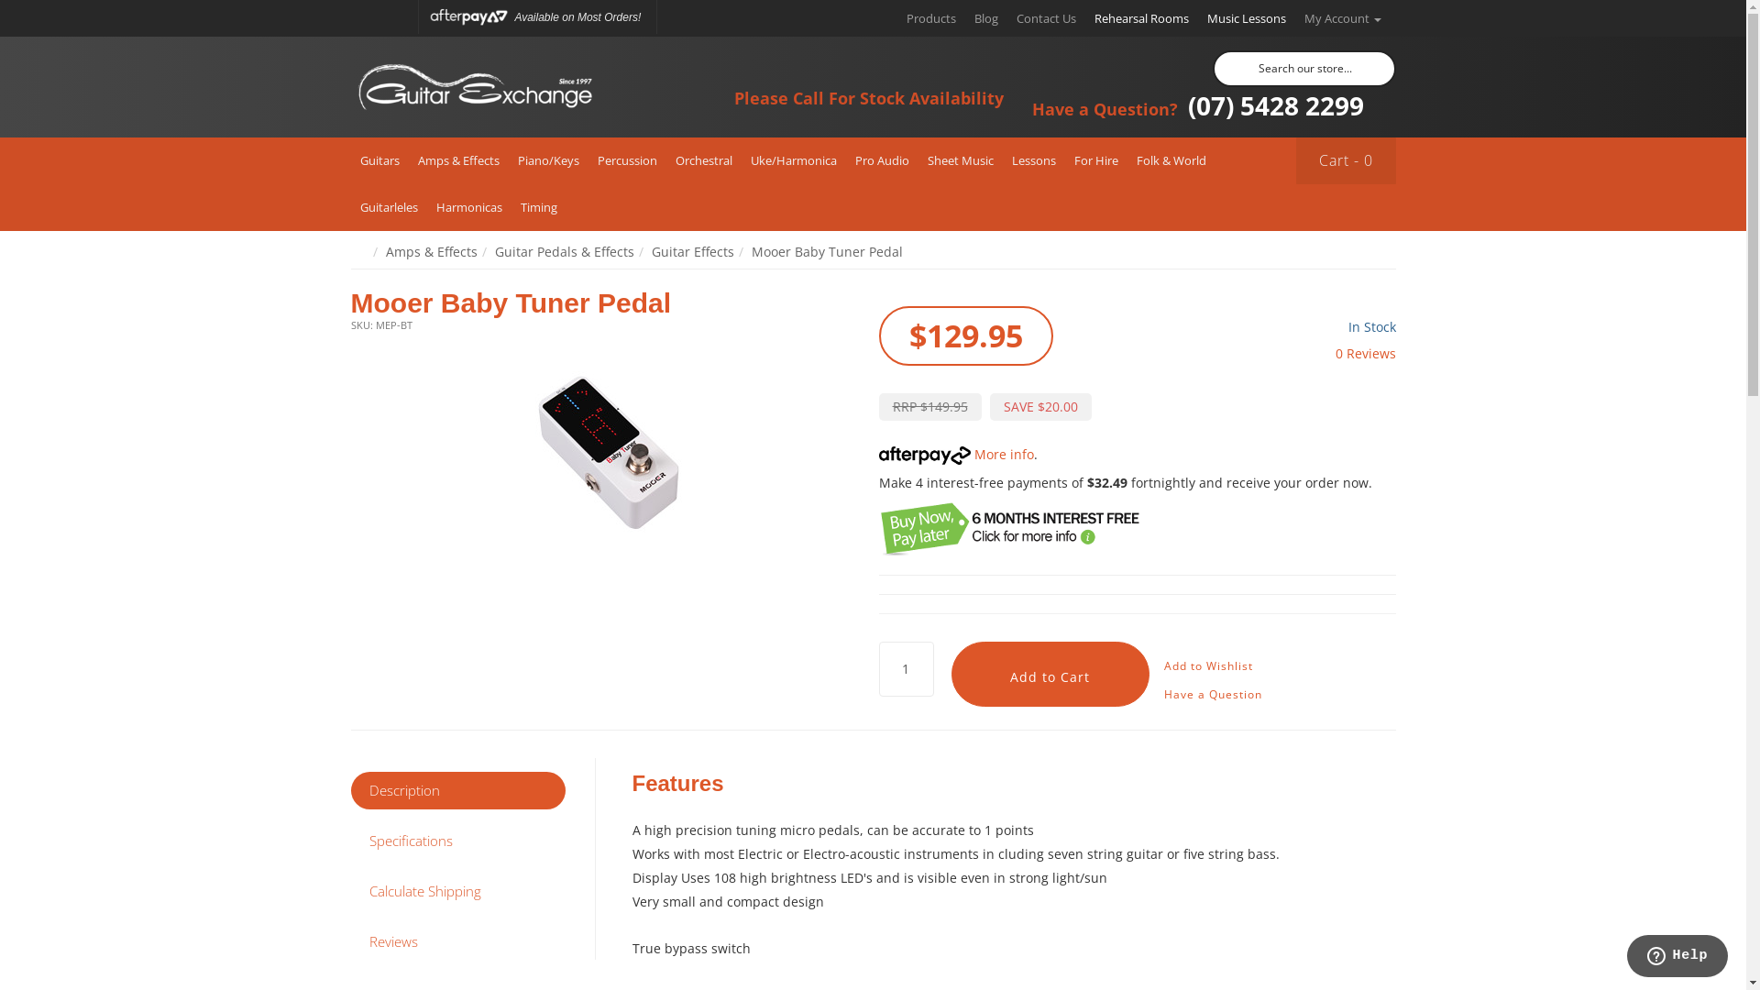  I want to click on 'Uke/Harmonica', so click(792, 159).